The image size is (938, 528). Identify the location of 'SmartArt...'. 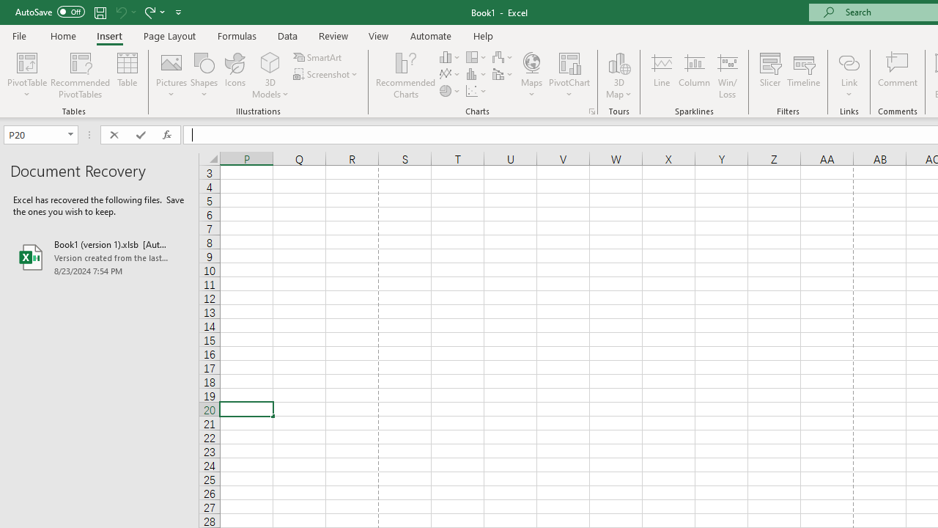
(318, 56).